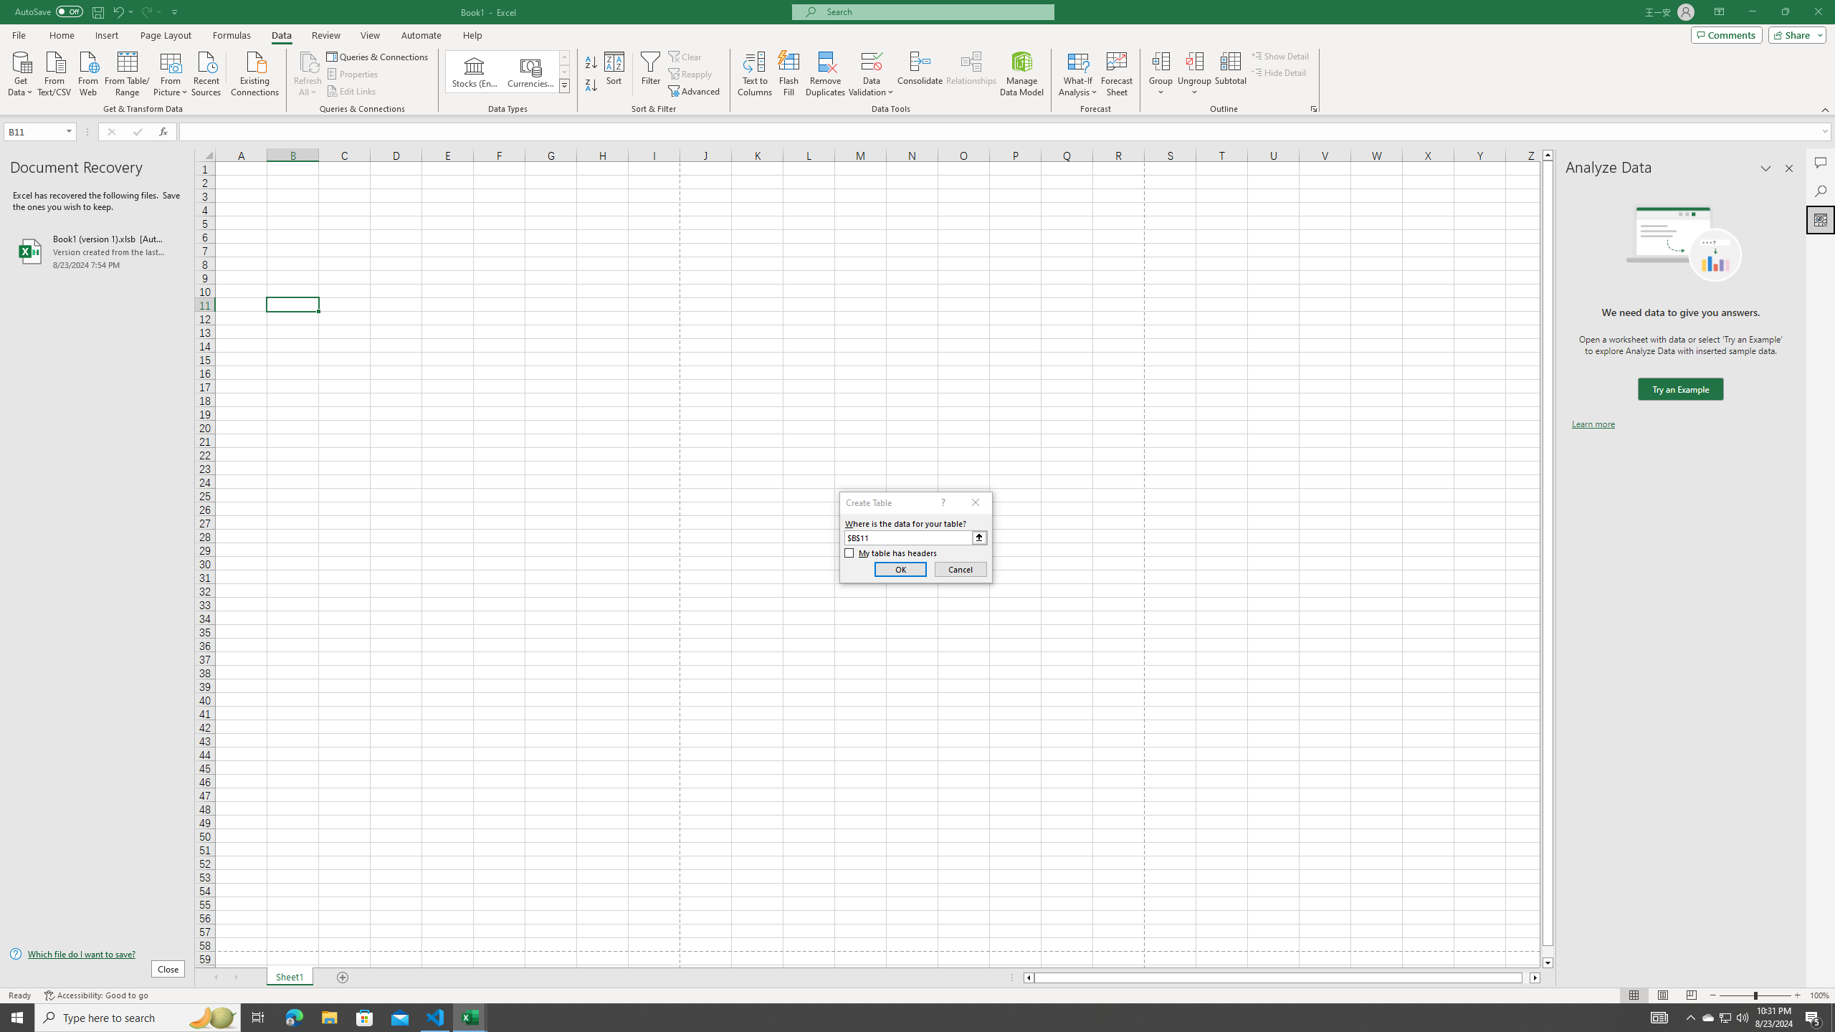 This screenshot has width=1835, height=1032. I want to click on 'Scroll Left', so click(214, 977).